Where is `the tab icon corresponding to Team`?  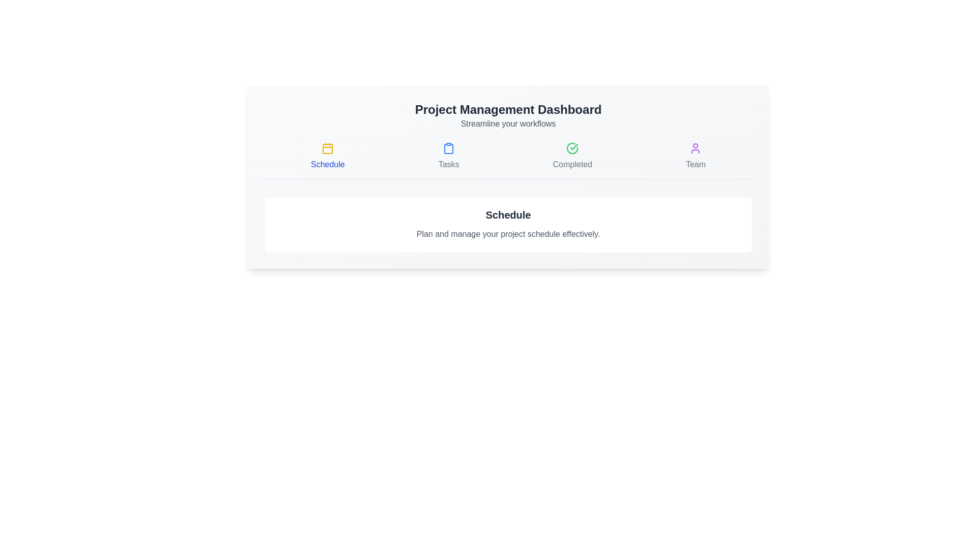 the tab icon corresponding to Team is located at coordinates (695, 157).